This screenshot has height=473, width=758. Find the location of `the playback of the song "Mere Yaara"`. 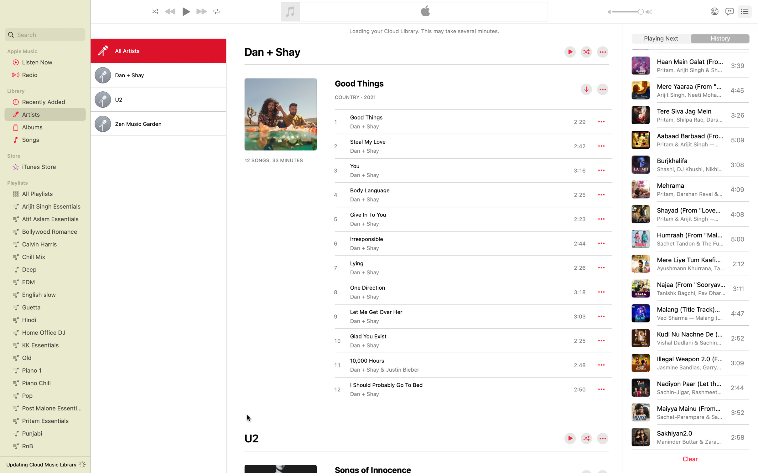

the playback of the song "Mere Yaara" is located at coordinates (691, 90).